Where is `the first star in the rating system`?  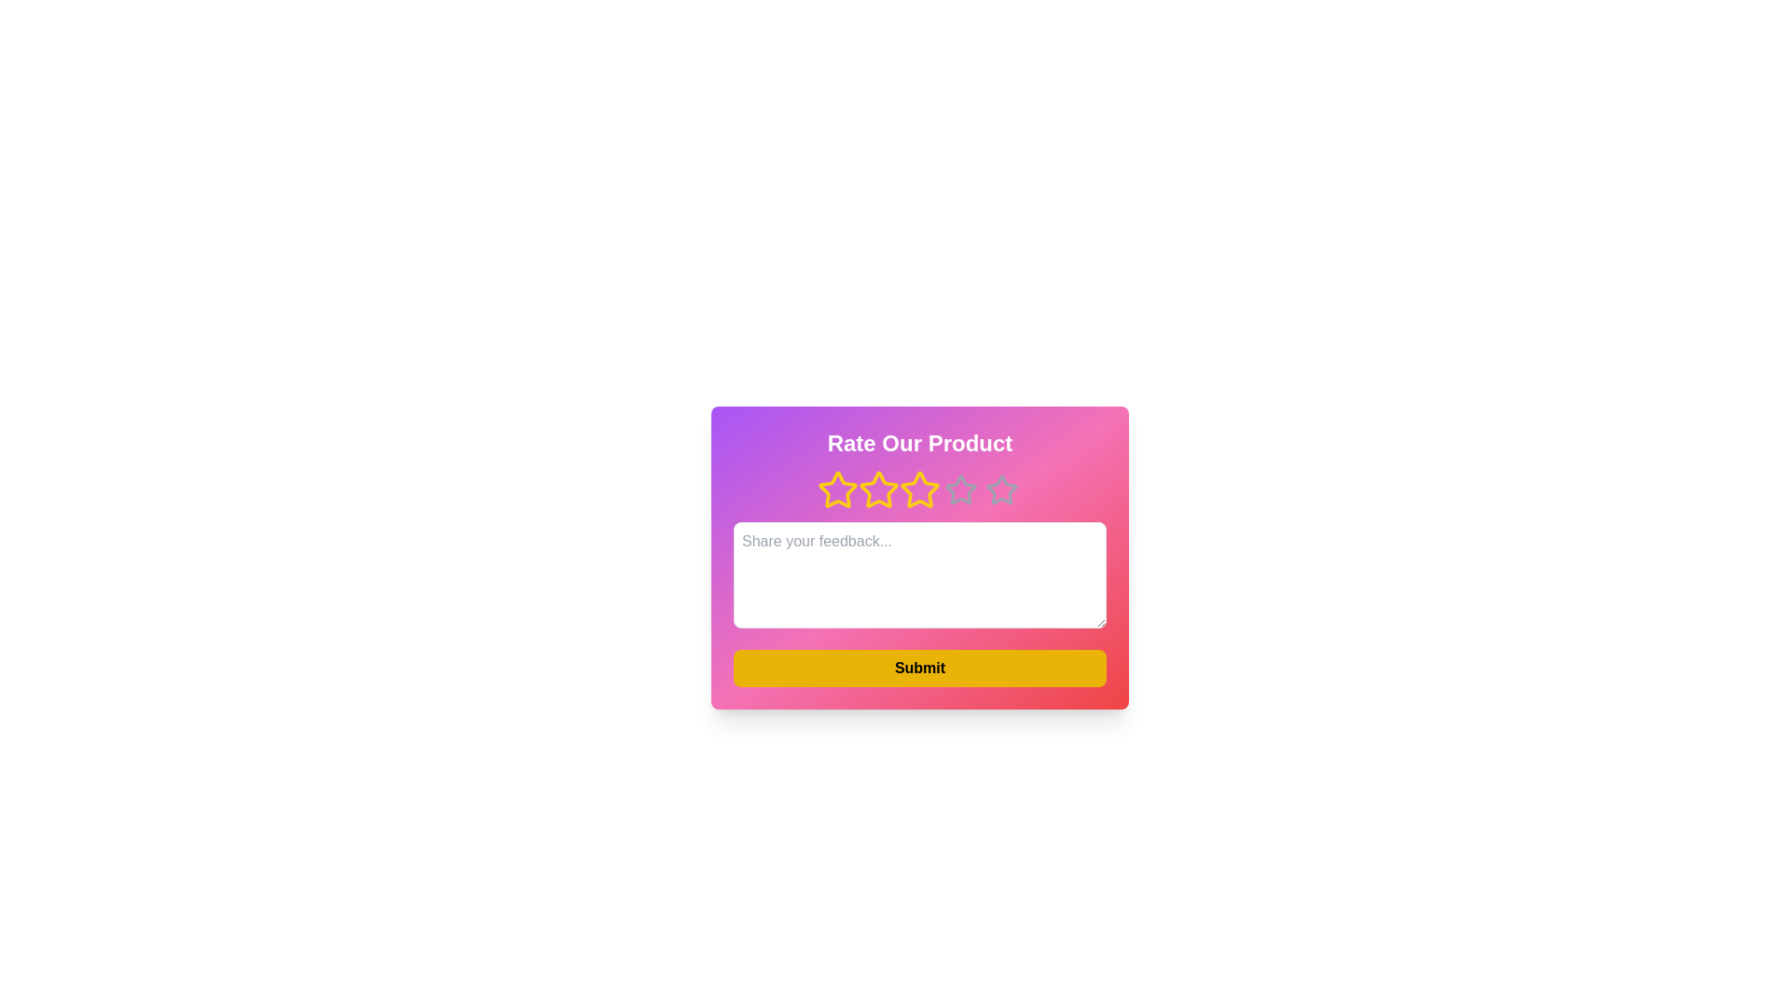
the first star in the rating system is located at coordinates (836, 489).